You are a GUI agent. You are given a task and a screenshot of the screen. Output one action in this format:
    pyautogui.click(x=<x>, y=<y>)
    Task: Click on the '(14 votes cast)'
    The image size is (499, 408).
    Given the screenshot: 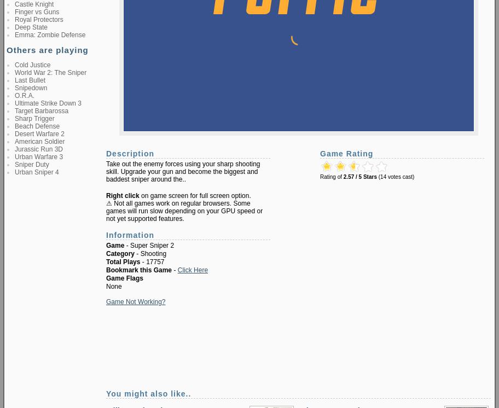 What is the action you would take?
    pyautogui.click(x=395, y=177)
    